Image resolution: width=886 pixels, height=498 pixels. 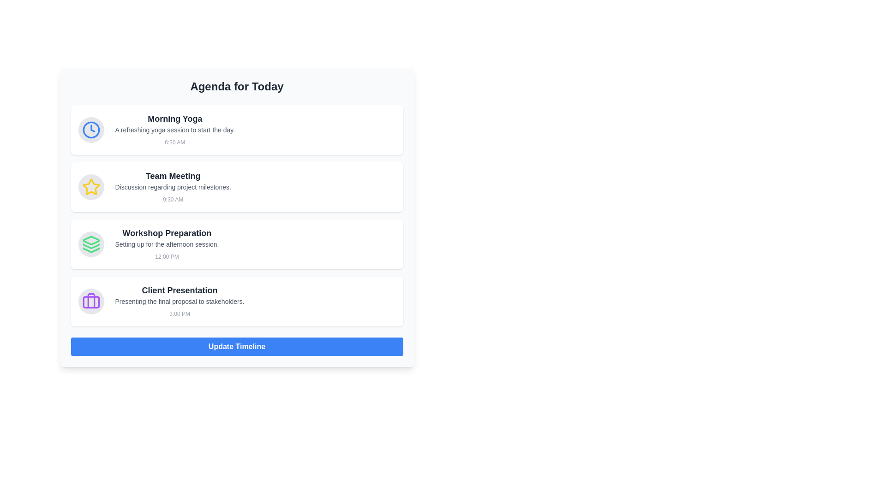 What do you see at coordinates (173, 187) in the screenshot?
I see `the text label that describes the 'Team Meeting' agenda item, located between the title 'Team Meeting' and the time '9:30 AM' in the vertical agenda list` at bounding box center [173, 187].